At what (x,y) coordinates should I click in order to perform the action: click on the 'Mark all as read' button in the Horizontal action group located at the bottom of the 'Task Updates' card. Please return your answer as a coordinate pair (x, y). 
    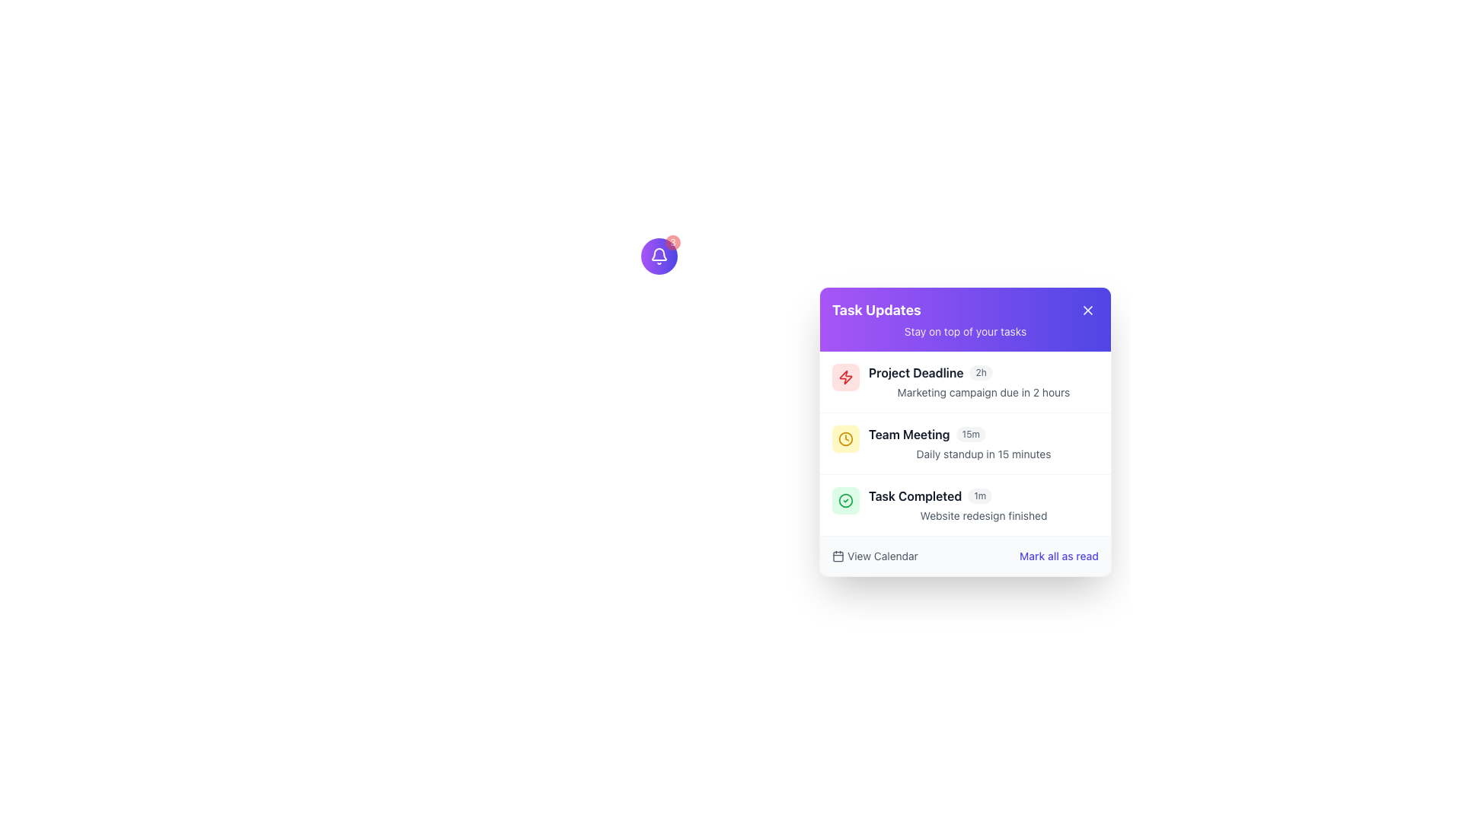
    Looking at the image, I should click on (964, 556).